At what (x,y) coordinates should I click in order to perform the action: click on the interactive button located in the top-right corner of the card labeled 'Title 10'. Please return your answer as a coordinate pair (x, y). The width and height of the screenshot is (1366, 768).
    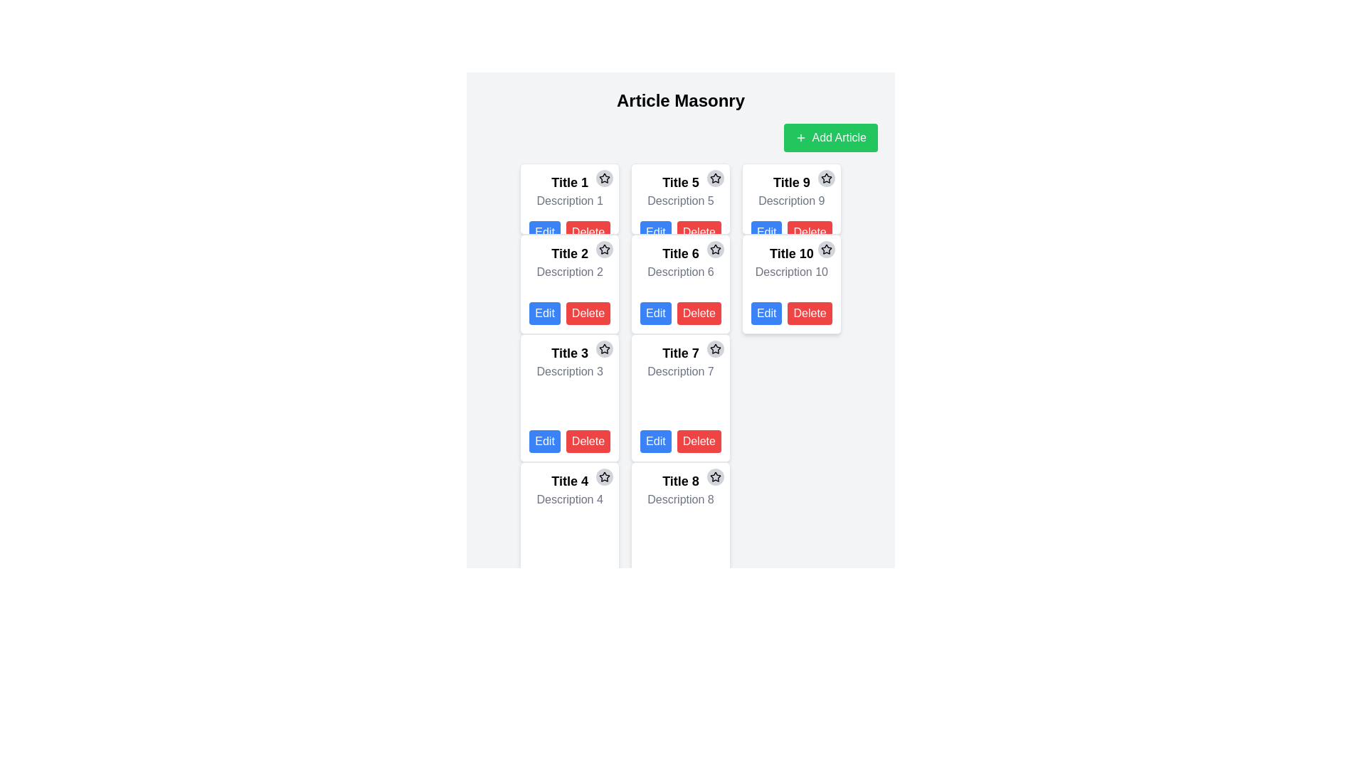
    Looking at the image, I should click on (826, 249).